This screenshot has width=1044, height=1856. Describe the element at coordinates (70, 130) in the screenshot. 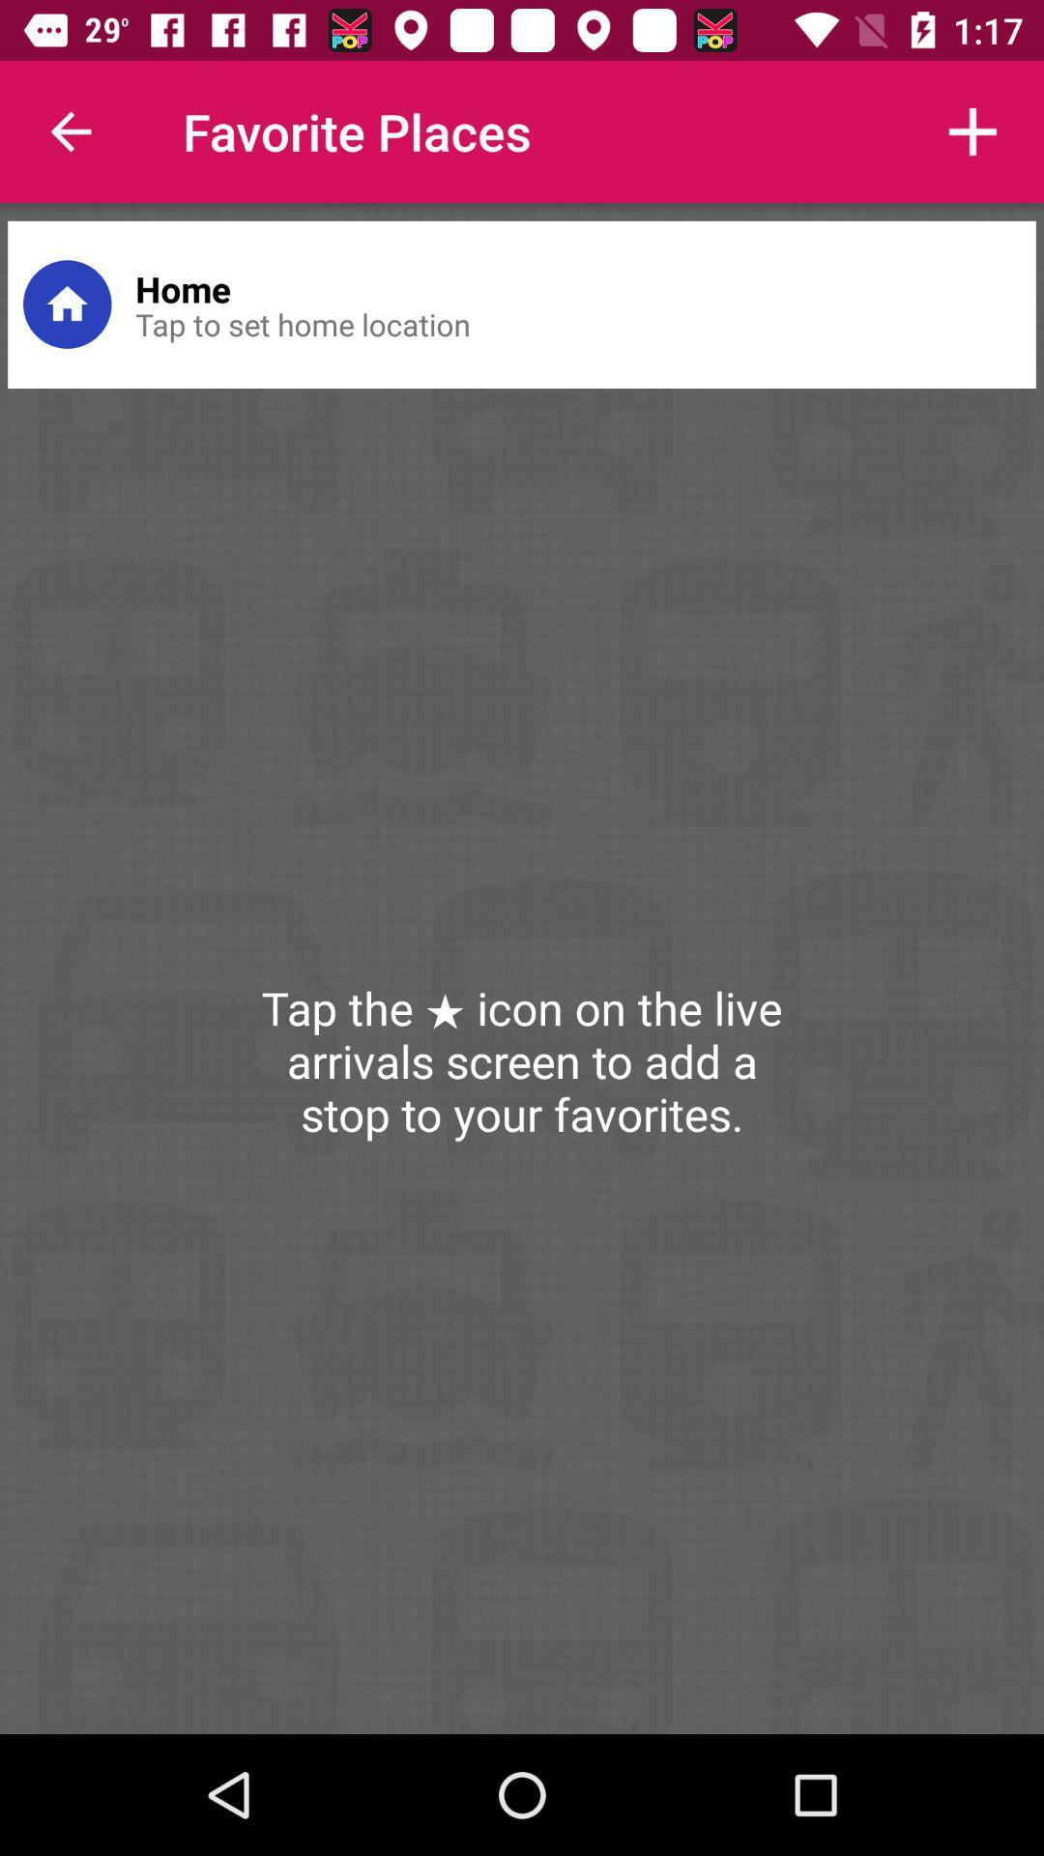

I see `icon to the left of the favorite places item` at that location.